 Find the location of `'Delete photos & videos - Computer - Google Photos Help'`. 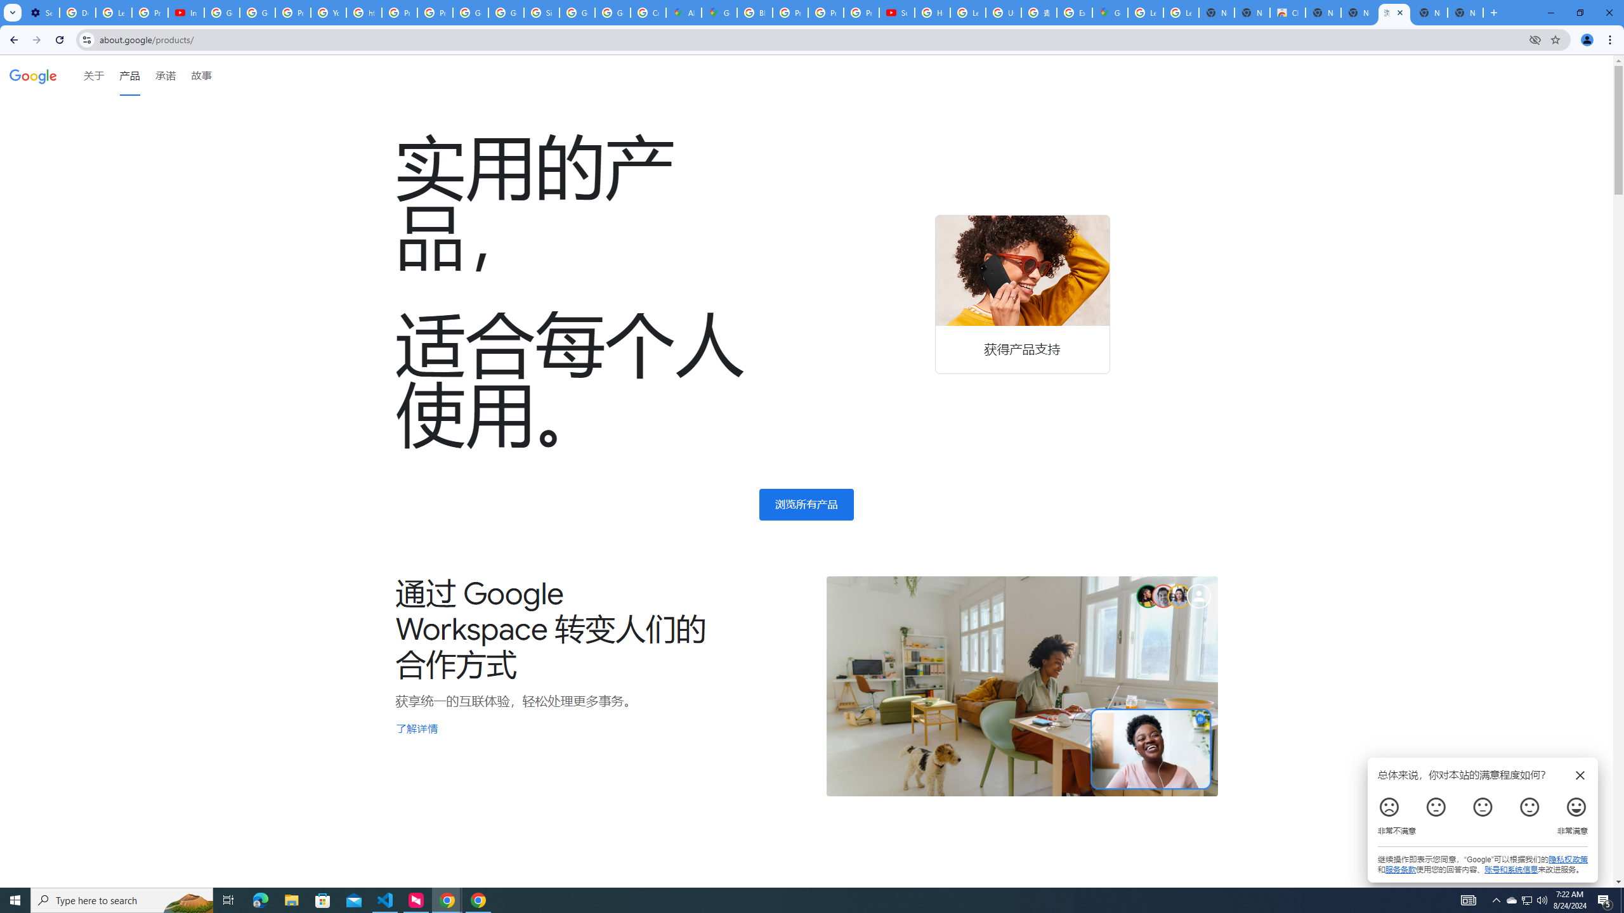

'Delete photos & videos - Computer - Google Photos Help' is located at coordinates (77, 12).